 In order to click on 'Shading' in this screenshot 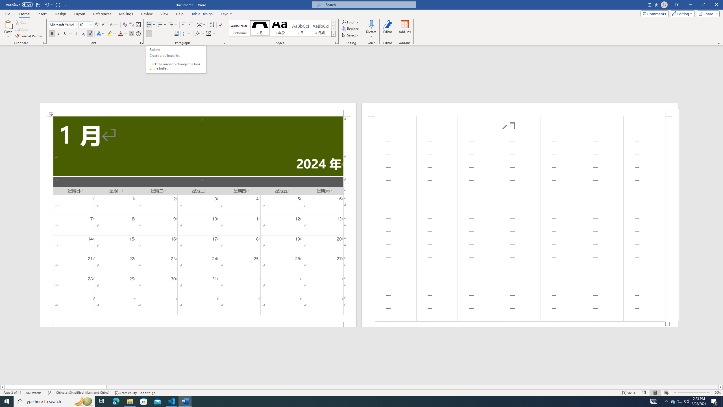, I will do `click(199, 33)`.